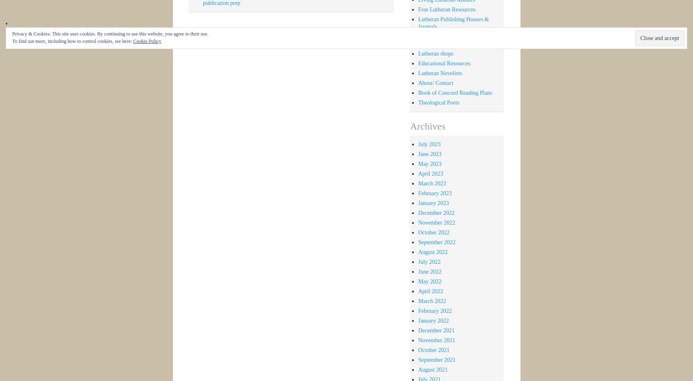 The width and height of the screenshot is (693, 381). I want to click on 'February 2022', so click(434, 310).